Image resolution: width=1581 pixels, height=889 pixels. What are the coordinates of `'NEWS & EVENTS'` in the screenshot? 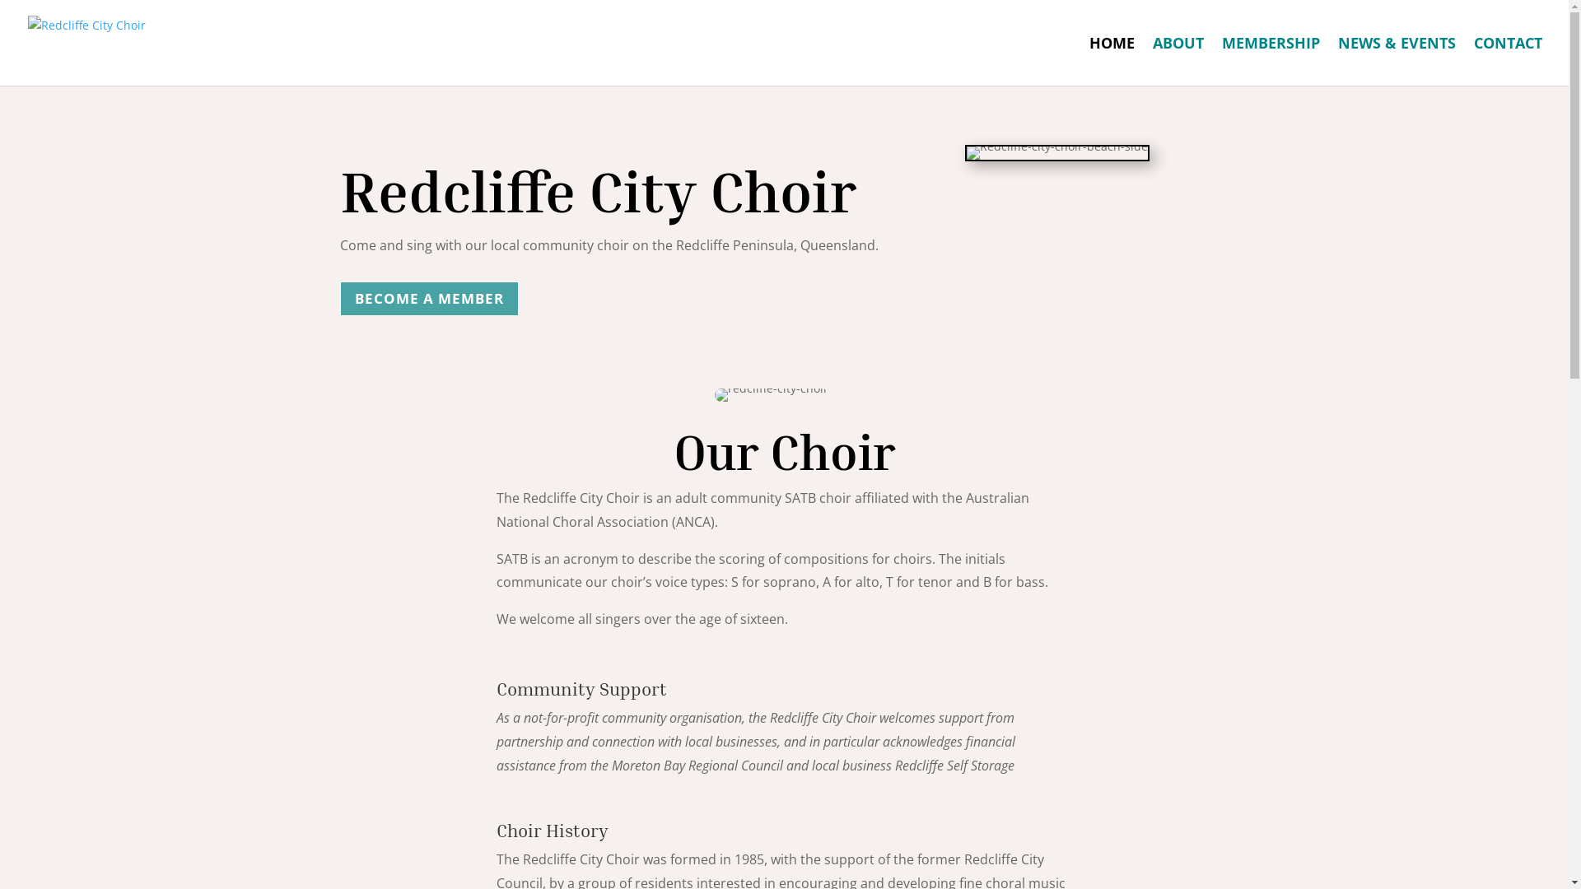 It's located at (1396, 60).